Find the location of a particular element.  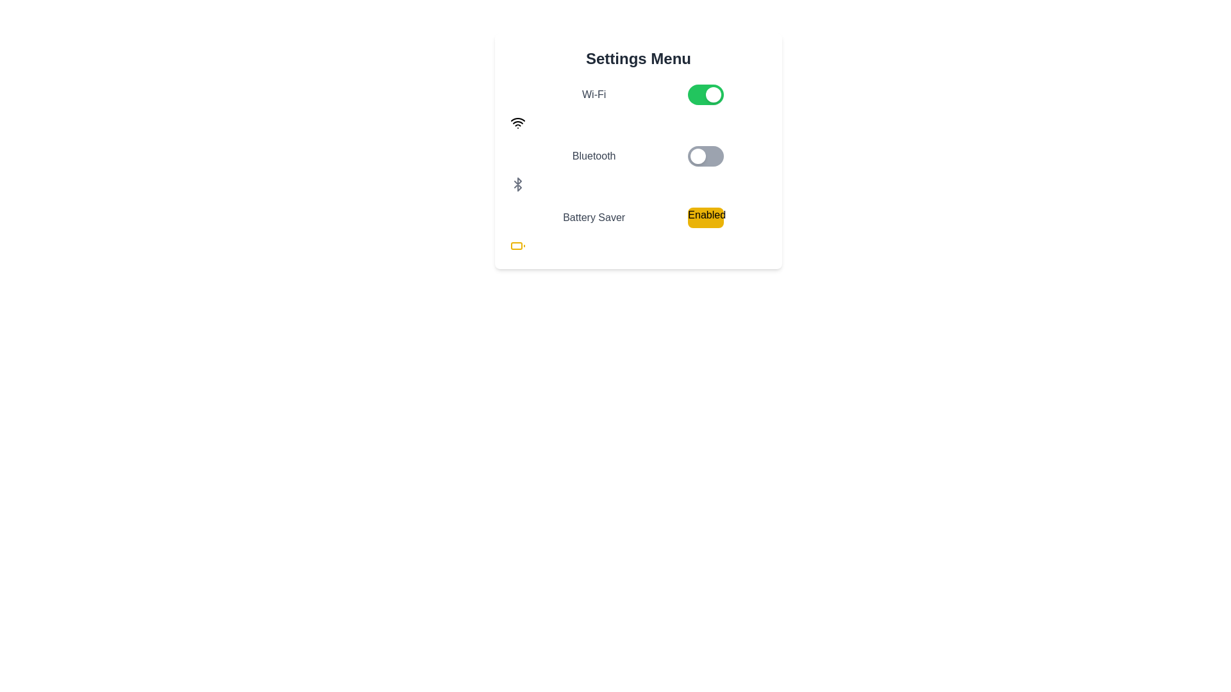

the 'Battery Saver' text label located in the settings menu, which is styled in medium gray and appears below the 'Bluetooth' option with an adjacent 'Enabled' badge is located at coordinates (593, 217).